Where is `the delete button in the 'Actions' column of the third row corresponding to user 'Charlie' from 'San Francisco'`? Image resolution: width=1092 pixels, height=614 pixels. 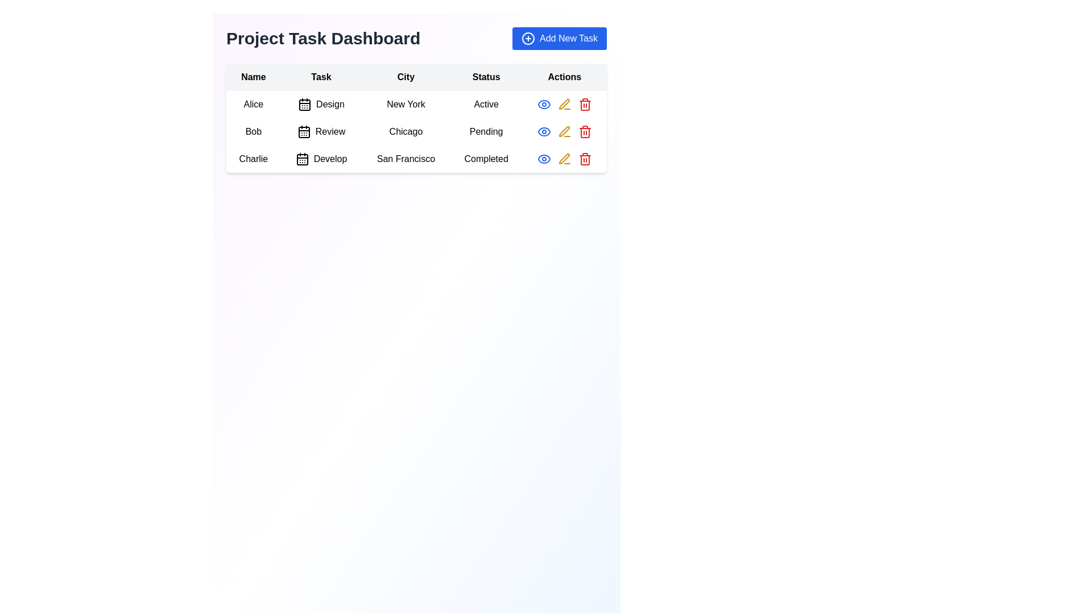 the delete button in the 'Actions' column of the third row corresponding to user 'Charlie' from 'San Francisco' is located at coordinates (585, 105).